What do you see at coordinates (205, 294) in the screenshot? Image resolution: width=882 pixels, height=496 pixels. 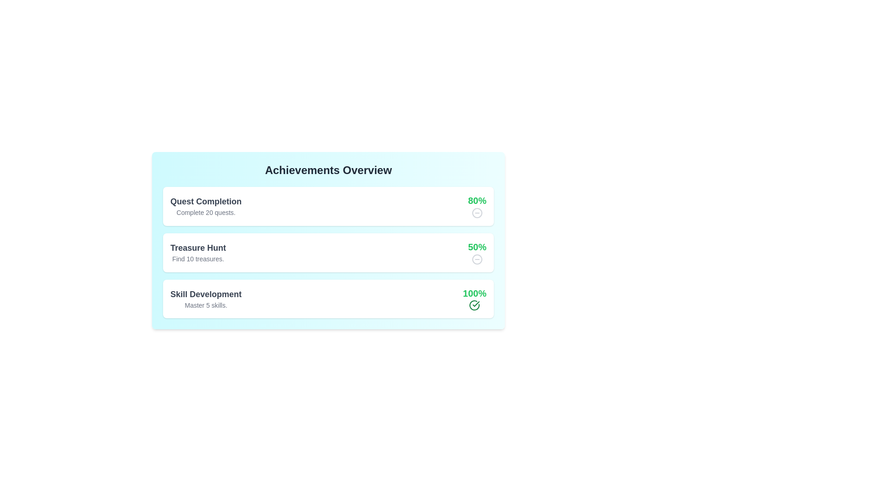 I see `the 'Skill Development' heading in the third card under 'Achievements Overview'` at bounding box center [205, 294].